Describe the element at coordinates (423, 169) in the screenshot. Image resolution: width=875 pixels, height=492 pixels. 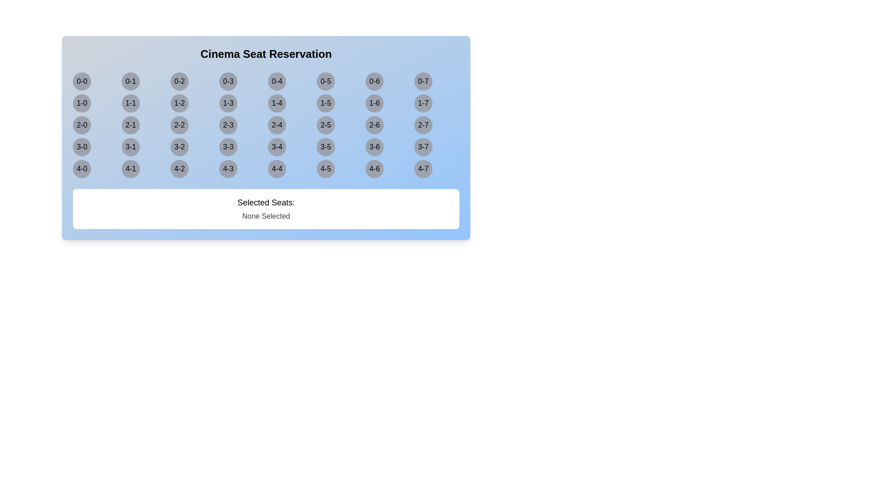
I see `the circular button with a gray background and the text '4-7' centered in black font, located in the last column of the fifth row of the grid layout` at that location.